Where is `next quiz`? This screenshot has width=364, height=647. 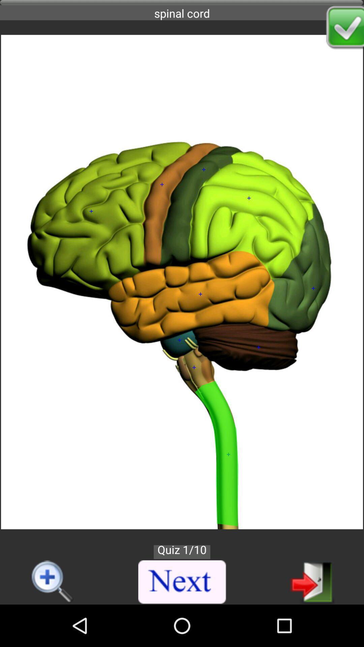
next quiz is located at coordinates (182, 582).